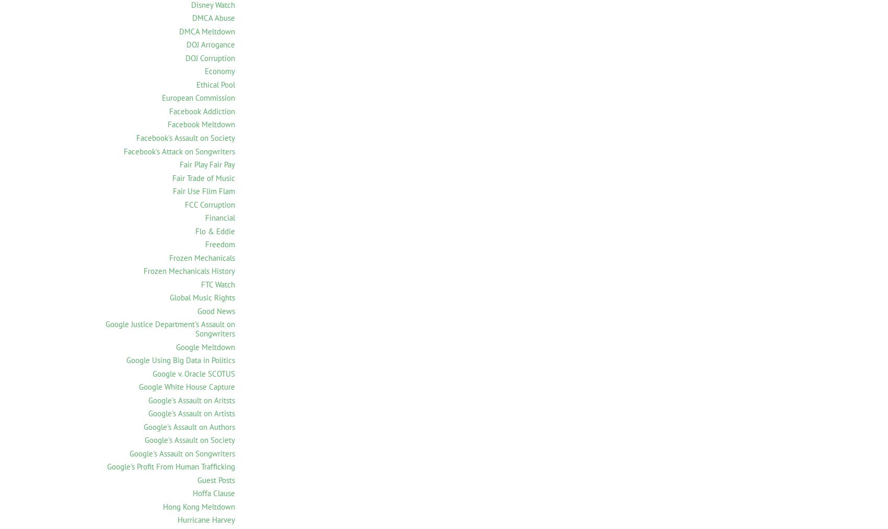  I want to click on 'Facebook Meltdown', so click(201, 124).